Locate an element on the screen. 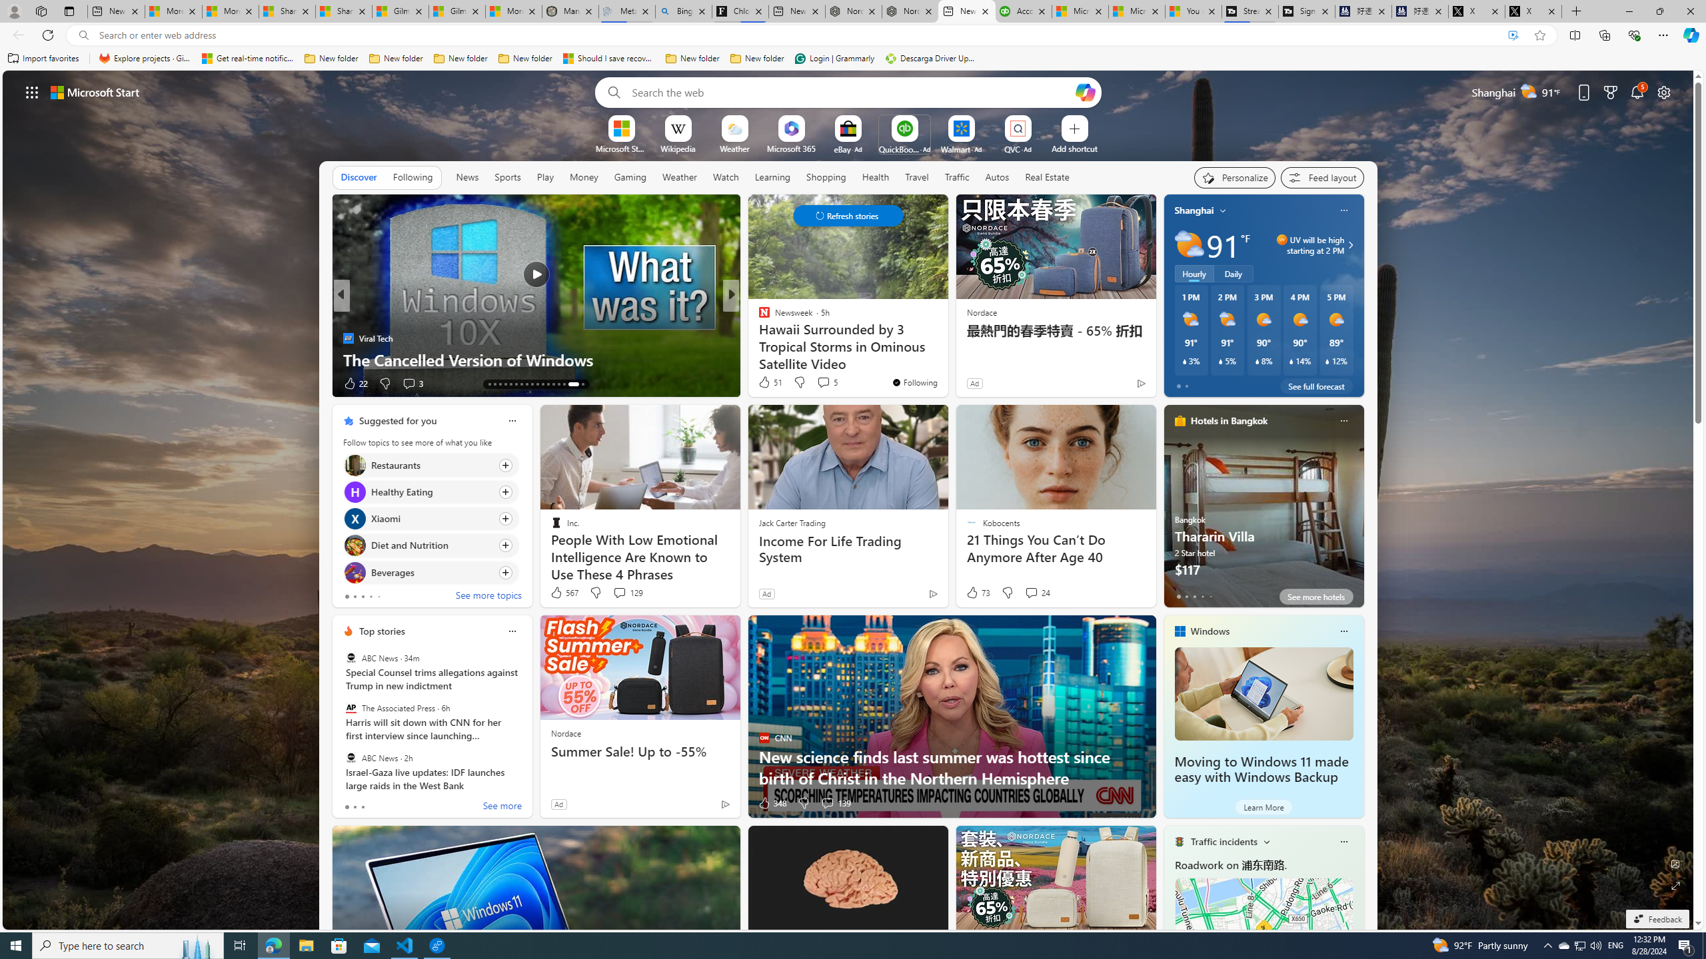 The height and width of the screenshot is (959, 1706). 'Viral Tech' is located at coordinates (347, 337).